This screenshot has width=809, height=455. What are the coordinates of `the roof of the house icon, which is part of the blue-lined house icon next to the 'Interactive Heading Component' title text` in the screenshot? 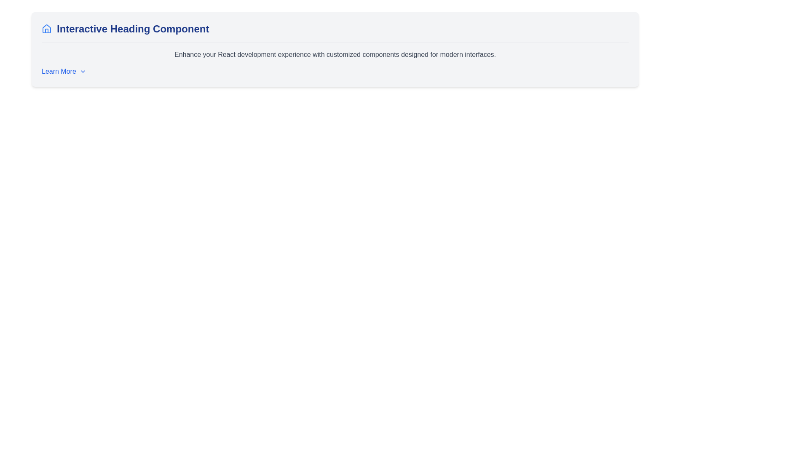 It's located at (46, 28).